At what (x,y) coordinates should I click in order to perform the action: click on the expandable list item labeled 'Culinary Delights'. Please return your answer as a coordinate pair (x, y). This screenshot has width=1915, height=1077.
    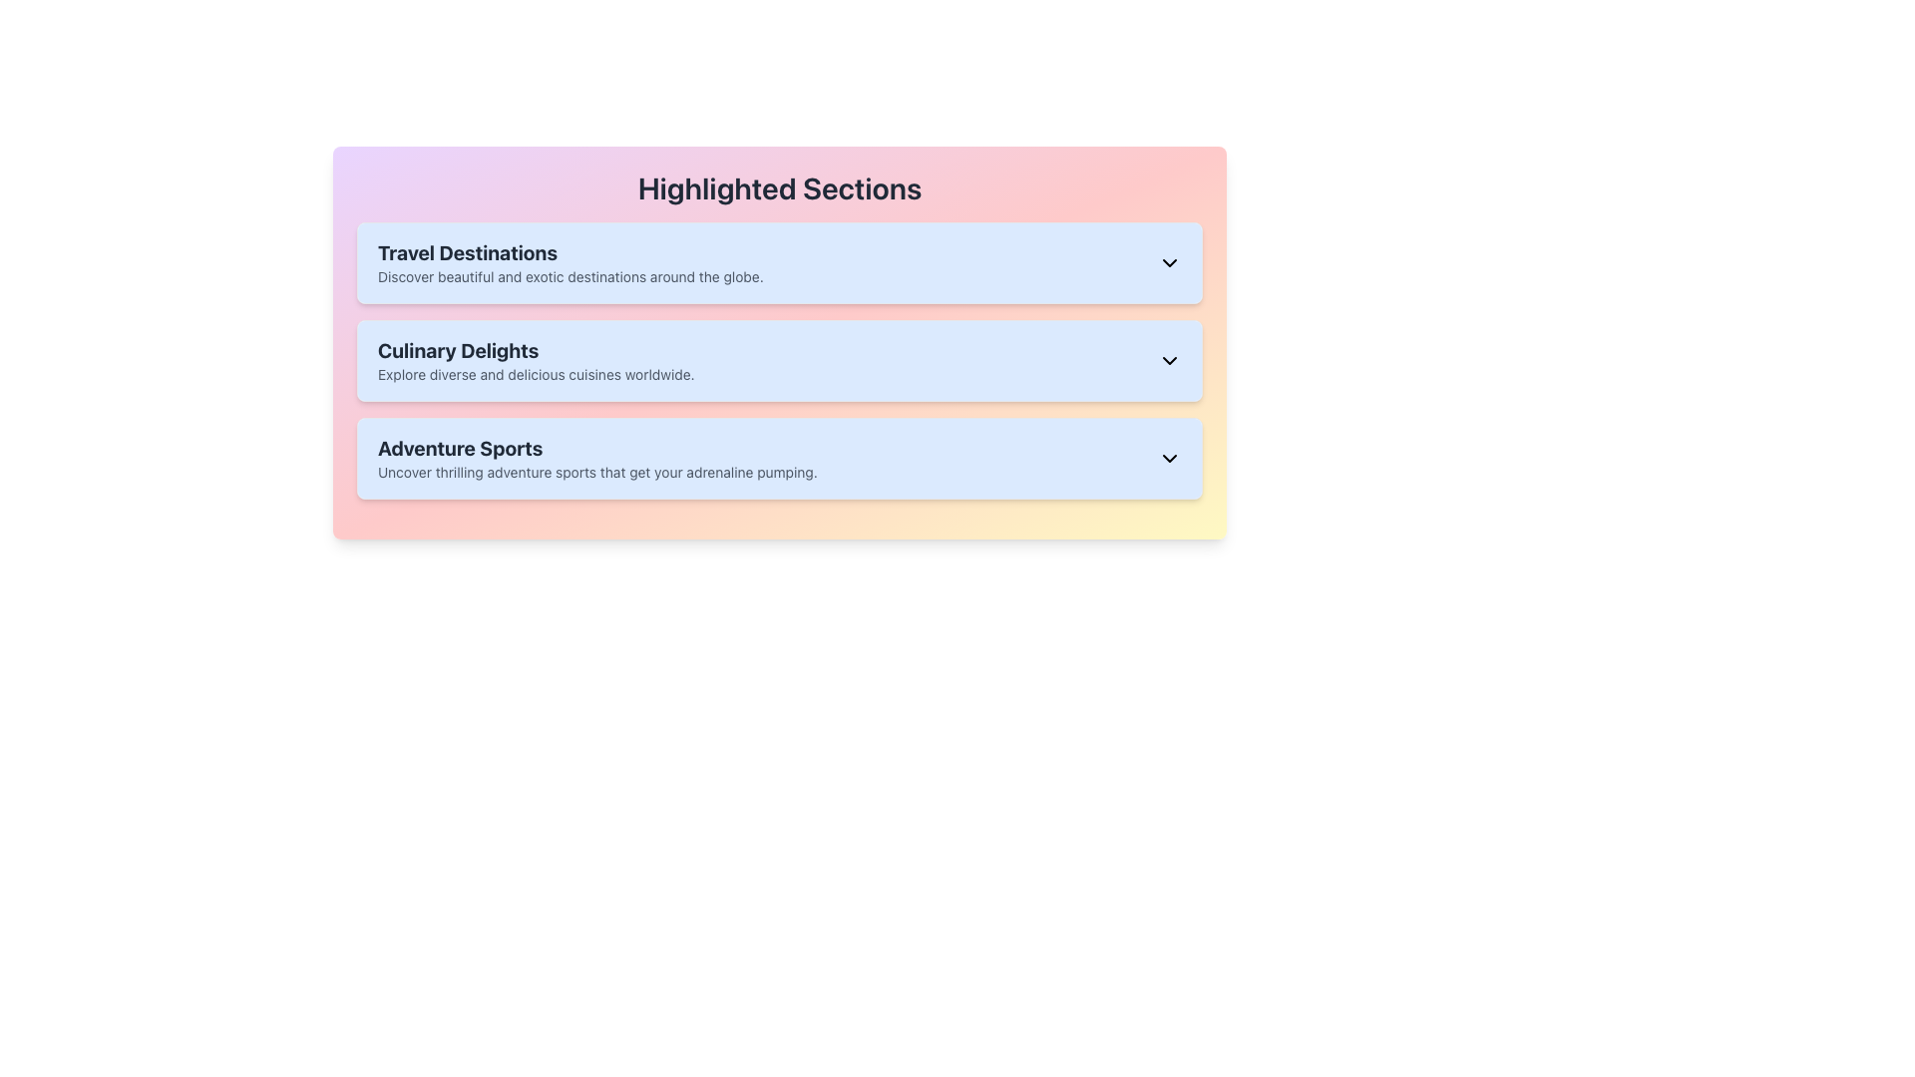
    Looking at the image, I should click on (779, 361).